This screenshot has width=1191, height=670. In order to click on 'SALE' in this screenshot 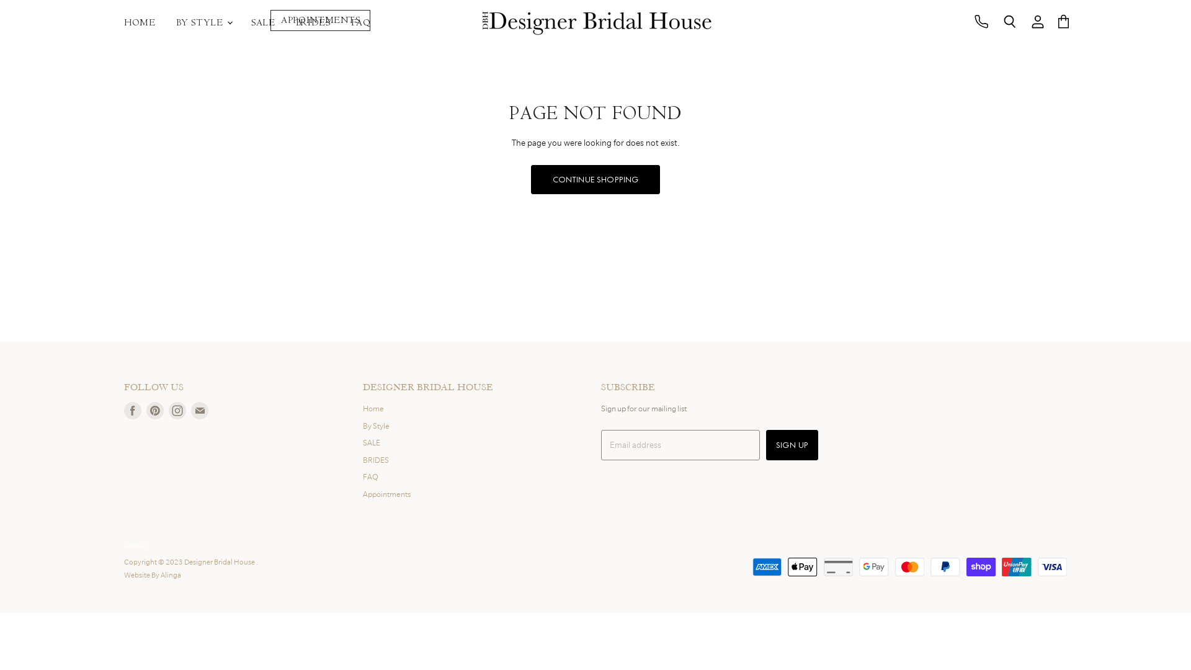, I will do `click(371, 442)`.